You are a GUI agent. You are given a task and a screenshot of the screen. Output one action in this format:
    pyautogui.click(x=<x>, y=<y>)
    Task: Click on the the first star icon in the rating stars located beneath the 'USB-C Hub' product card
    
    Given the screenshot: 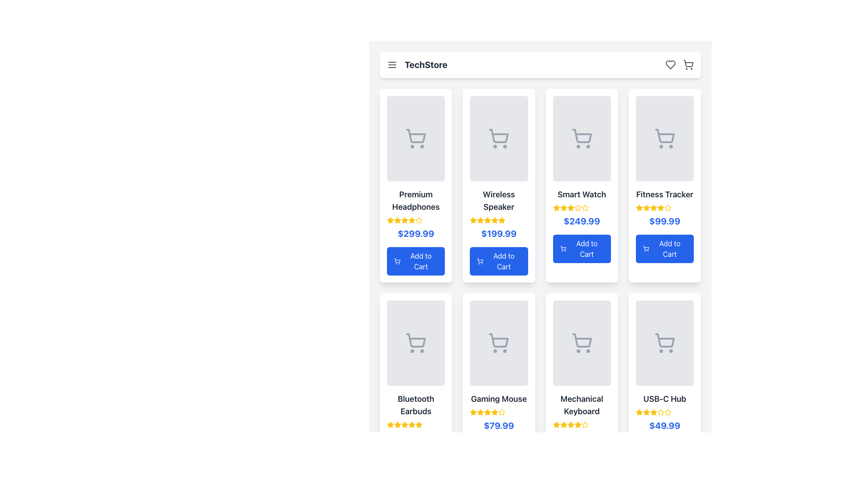 What is the action you would take?
    pyautogui.click(x=639, y=412)
    